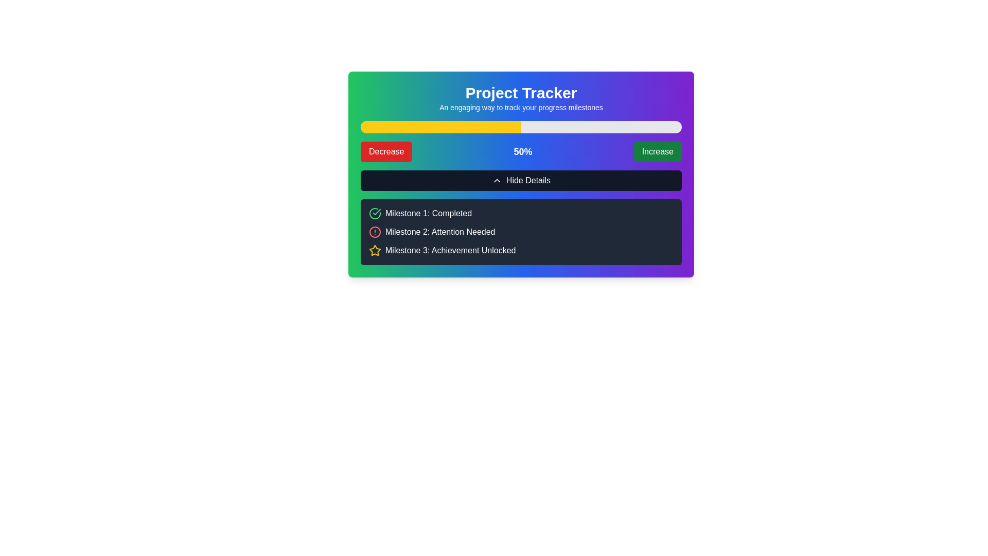 The image size is (988, 556). What do you see at coordinates (521, 232) in the screenshot?
I see `the milestone list located in the lower half of the central content area` at bounding box center [521, 232].